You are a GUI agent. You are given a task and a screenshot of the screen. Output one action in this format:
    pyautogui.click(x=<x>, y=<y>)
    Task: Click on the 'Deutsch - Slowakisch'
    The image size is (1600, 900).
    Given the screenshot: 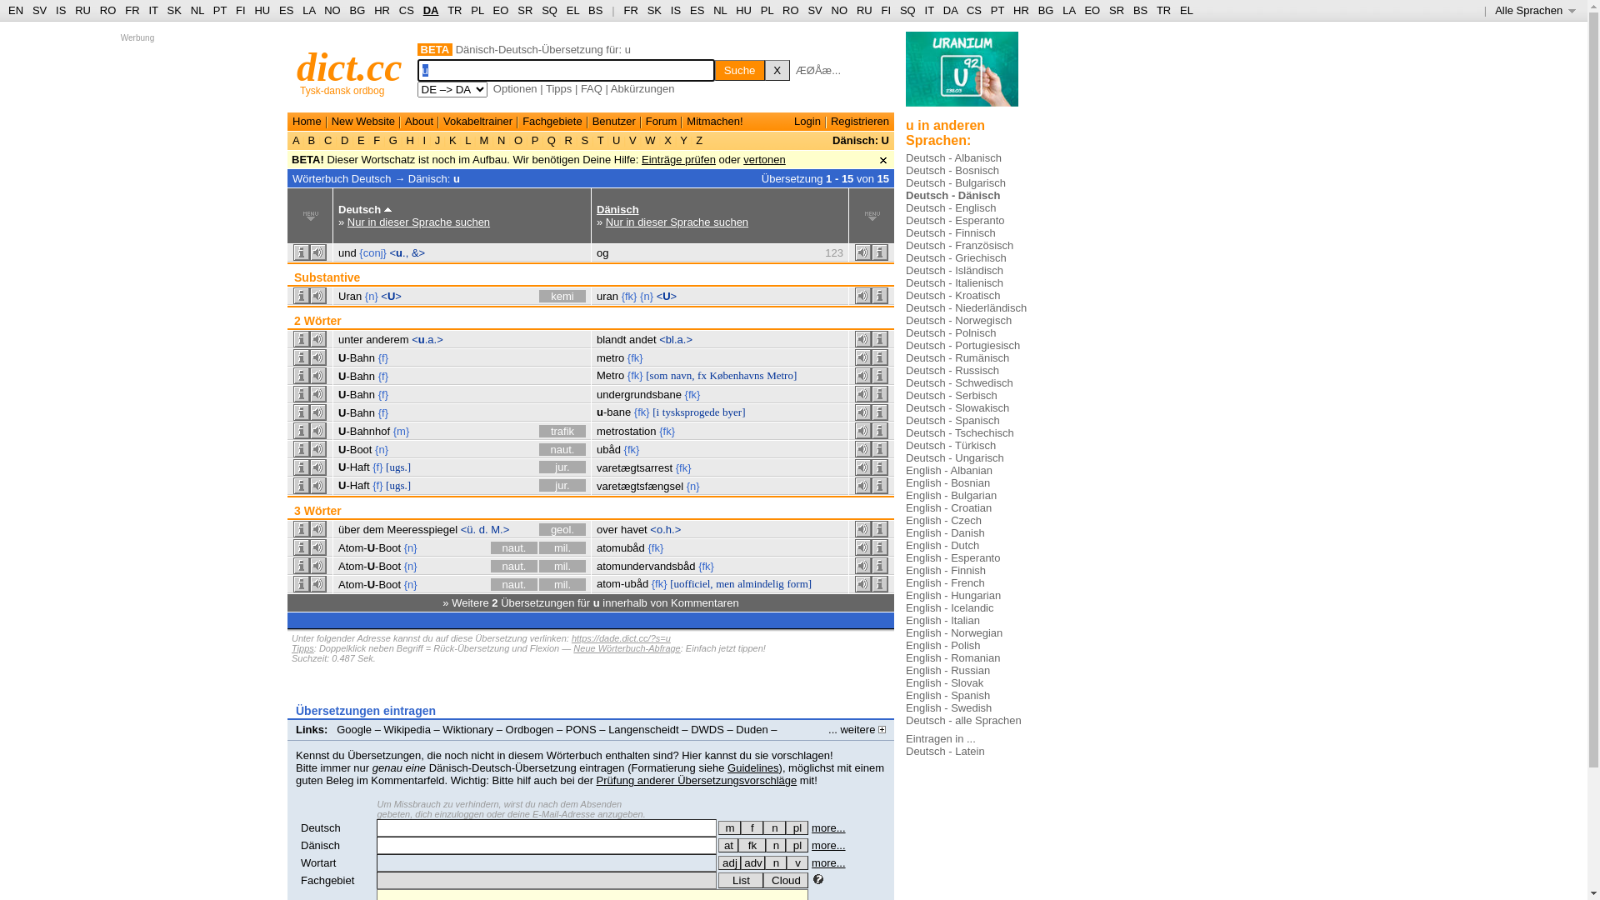 What is the action you would take?
    pyautogui.click(x=957, y=407)
    